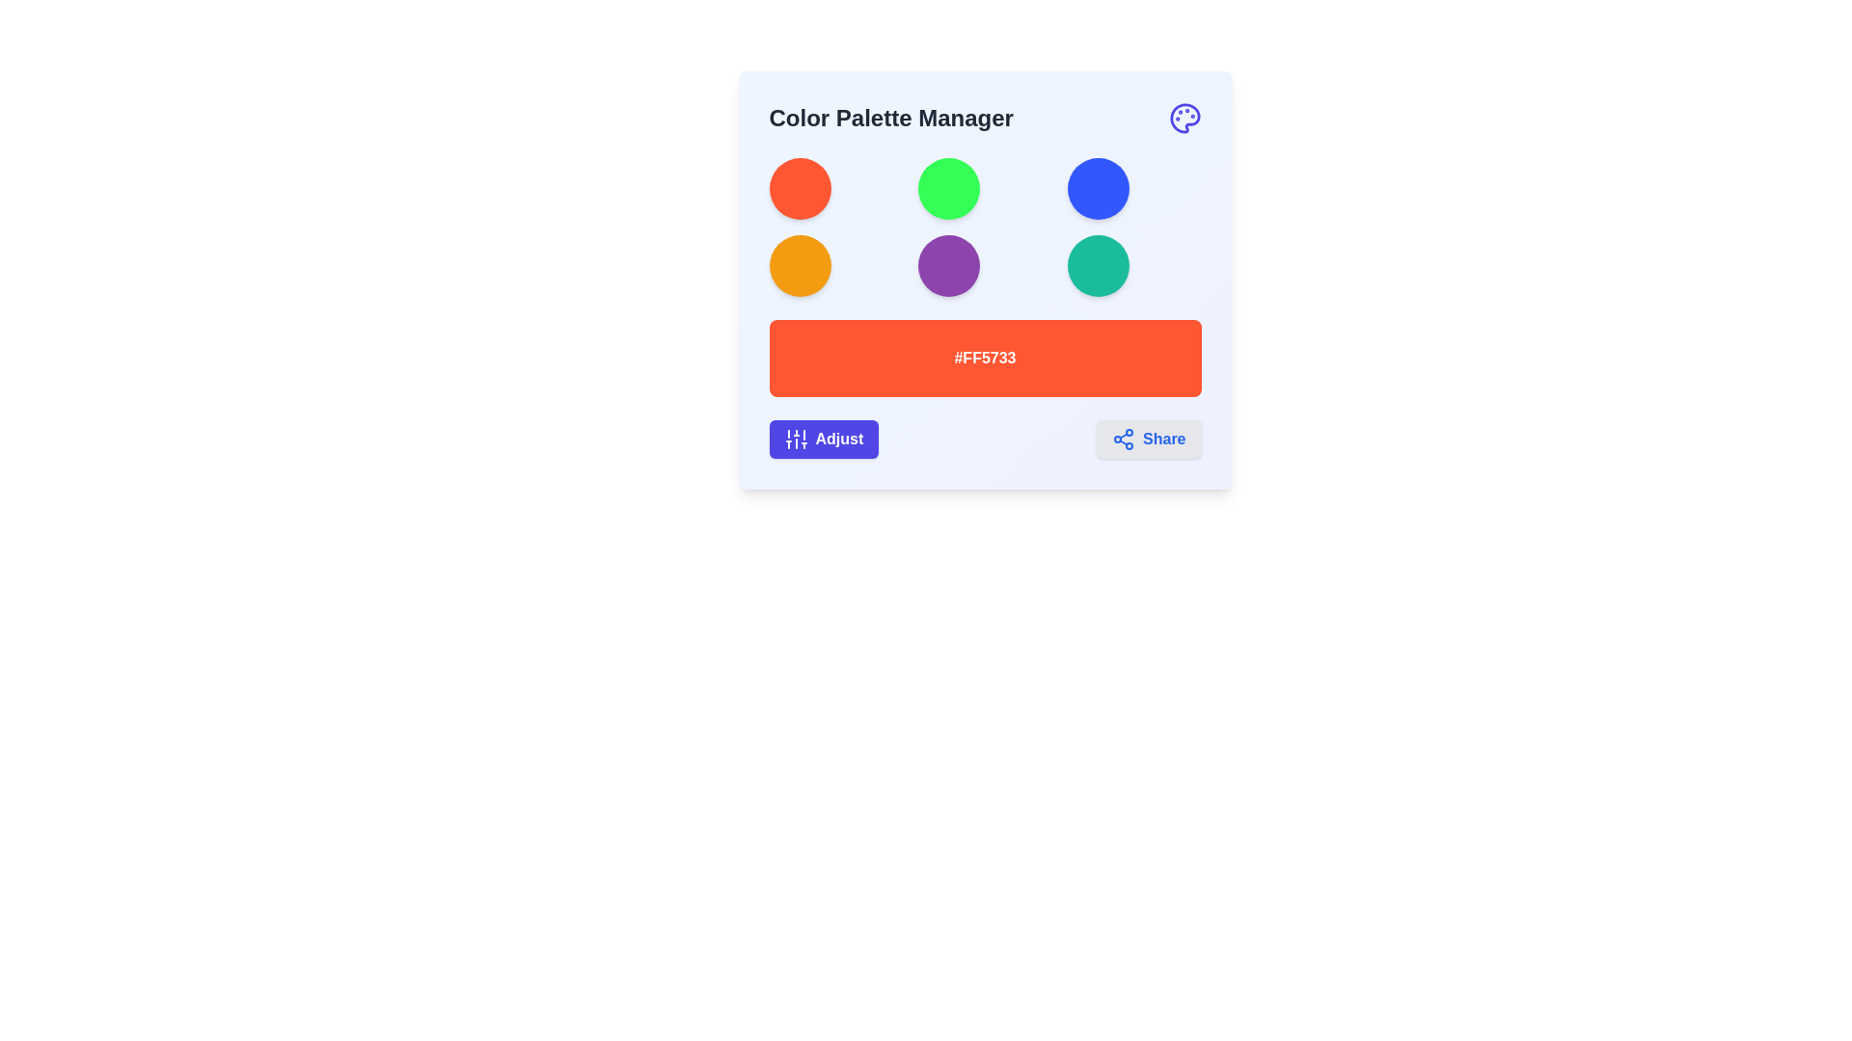 The image size is (1852, 1041). What do you see at coordinates (949, 266) in the screenshot?
I see `the color selection button located in the second row and second column of the color palette grid` at bounding box center [949, 266].